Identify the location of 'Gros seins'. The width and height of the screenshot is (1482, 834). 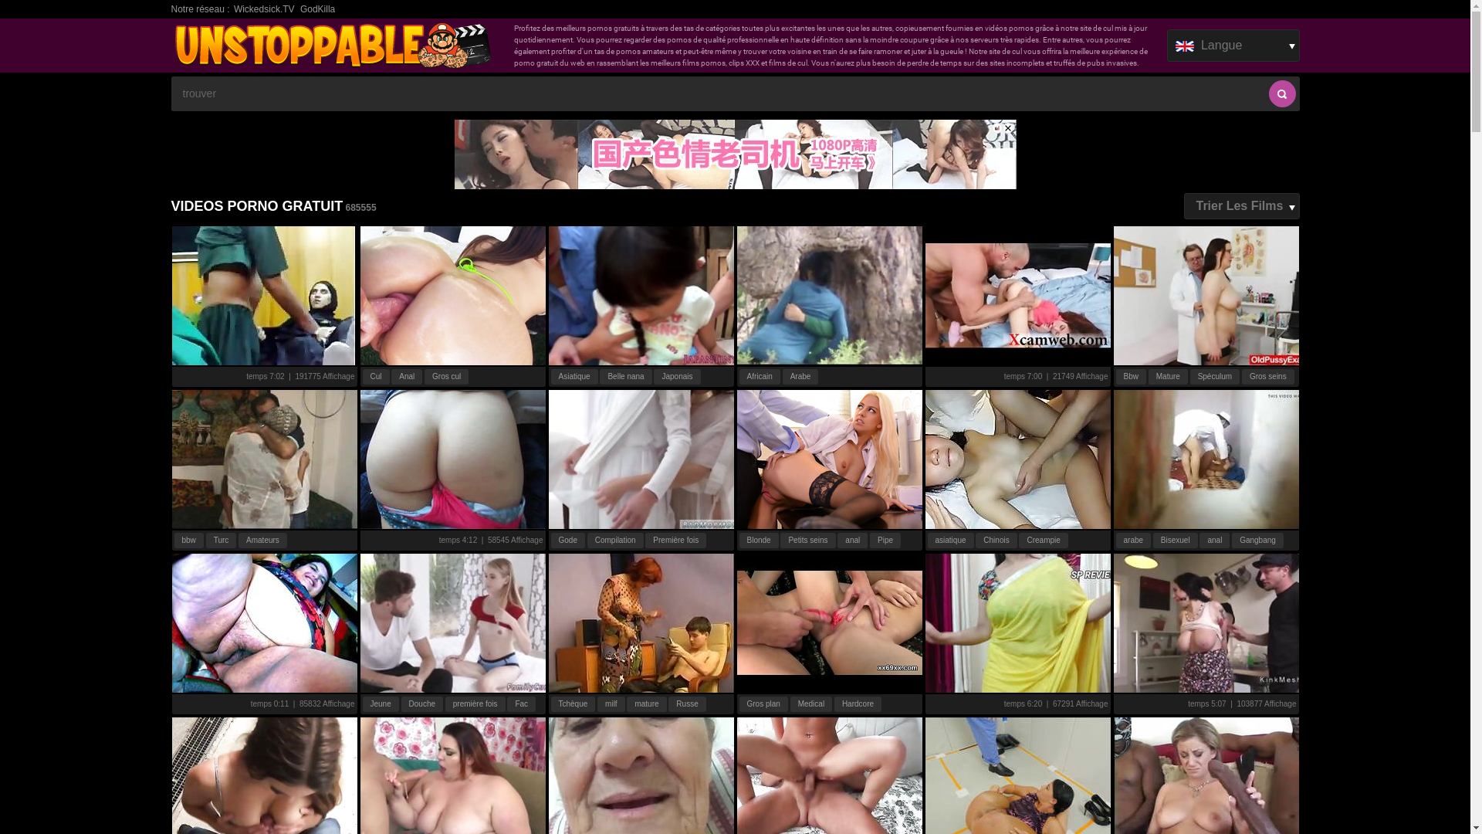
(1241, 377).